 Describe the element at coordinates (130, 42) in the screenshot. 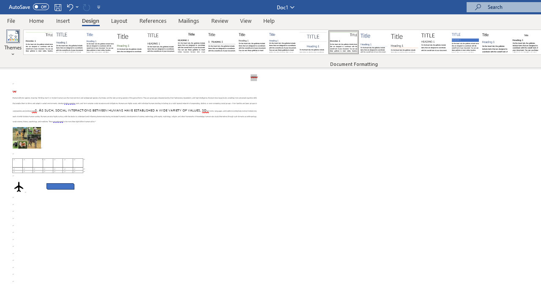

I see `'Basic (Stylish)'` at that location.